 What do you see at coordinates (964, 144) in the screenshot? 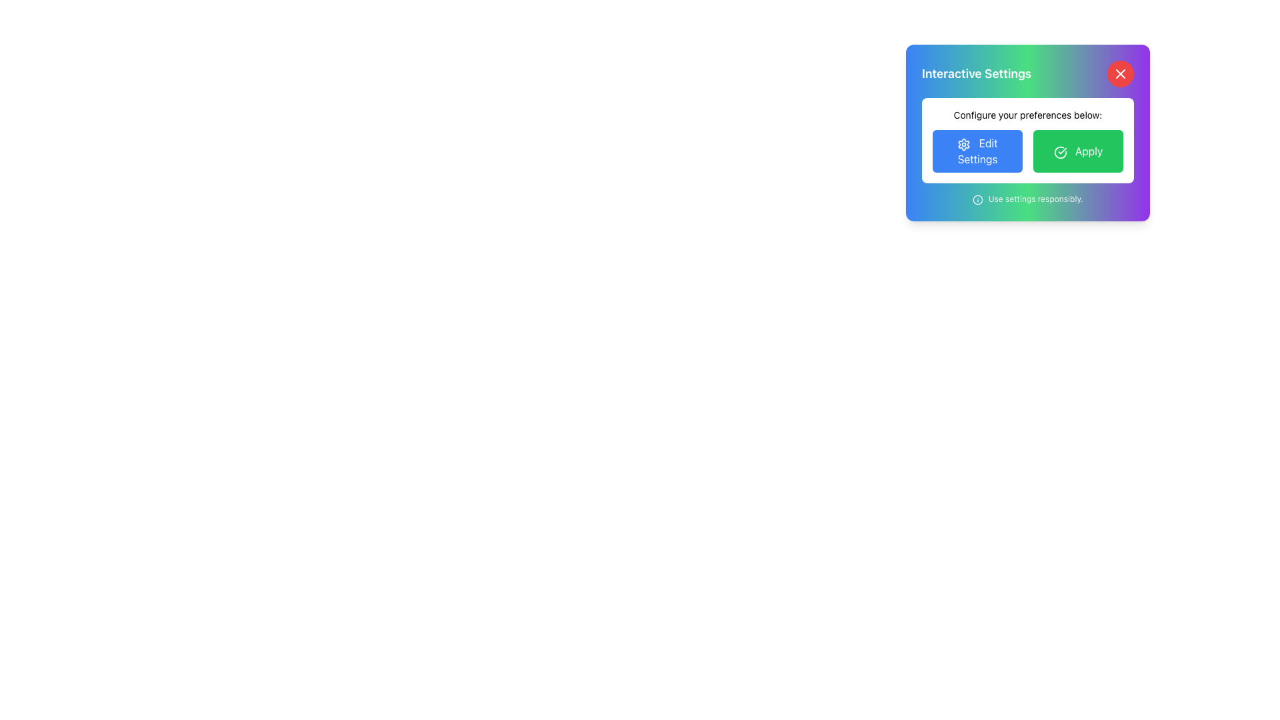
I see `the graphical settings icon, which is a gear shape located in the top-right part of the interface near the 'Interactive Settings' panel header` at bounding box center [964, 144].